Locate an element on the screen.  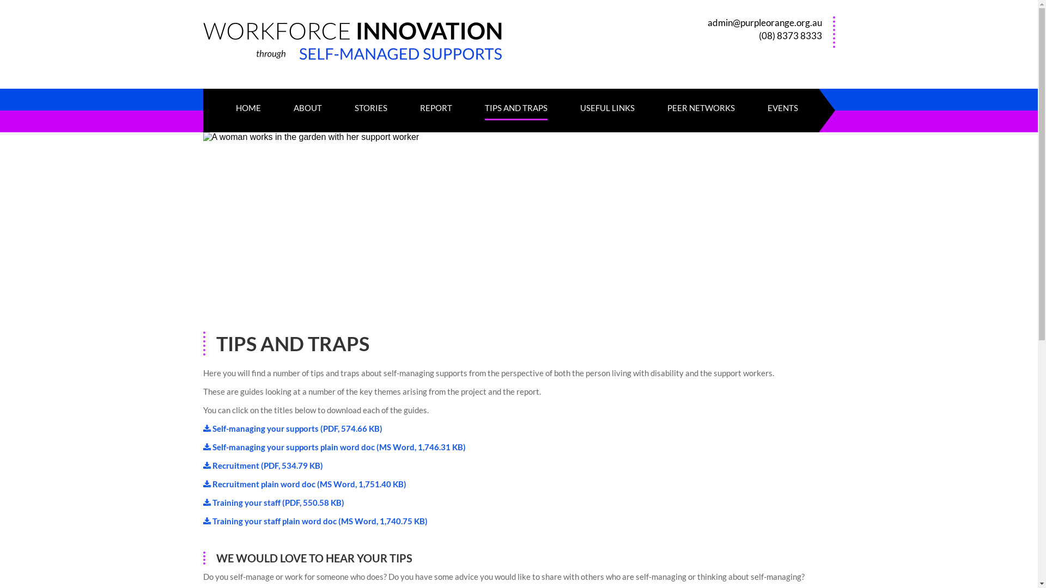
'USEFUL LINKS' is located at coordinates (606, 111).